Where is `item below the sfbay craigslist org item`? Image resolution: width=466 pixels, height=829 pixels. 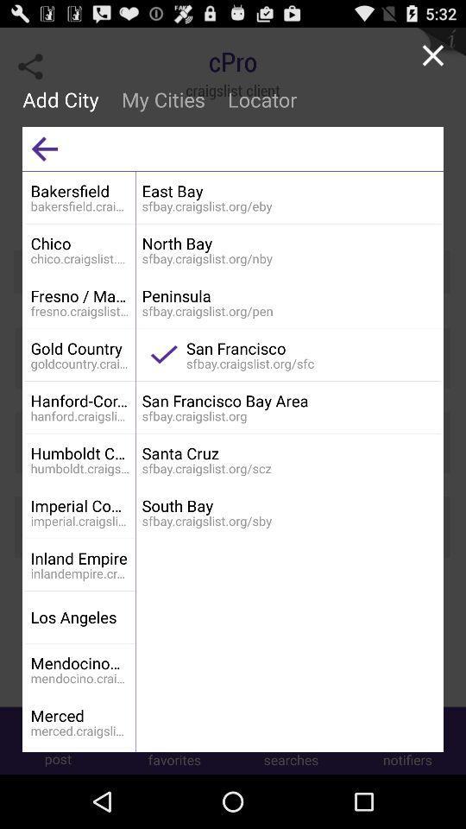
item below the sfbay craigslist org item is located at coordinates (288, 505).